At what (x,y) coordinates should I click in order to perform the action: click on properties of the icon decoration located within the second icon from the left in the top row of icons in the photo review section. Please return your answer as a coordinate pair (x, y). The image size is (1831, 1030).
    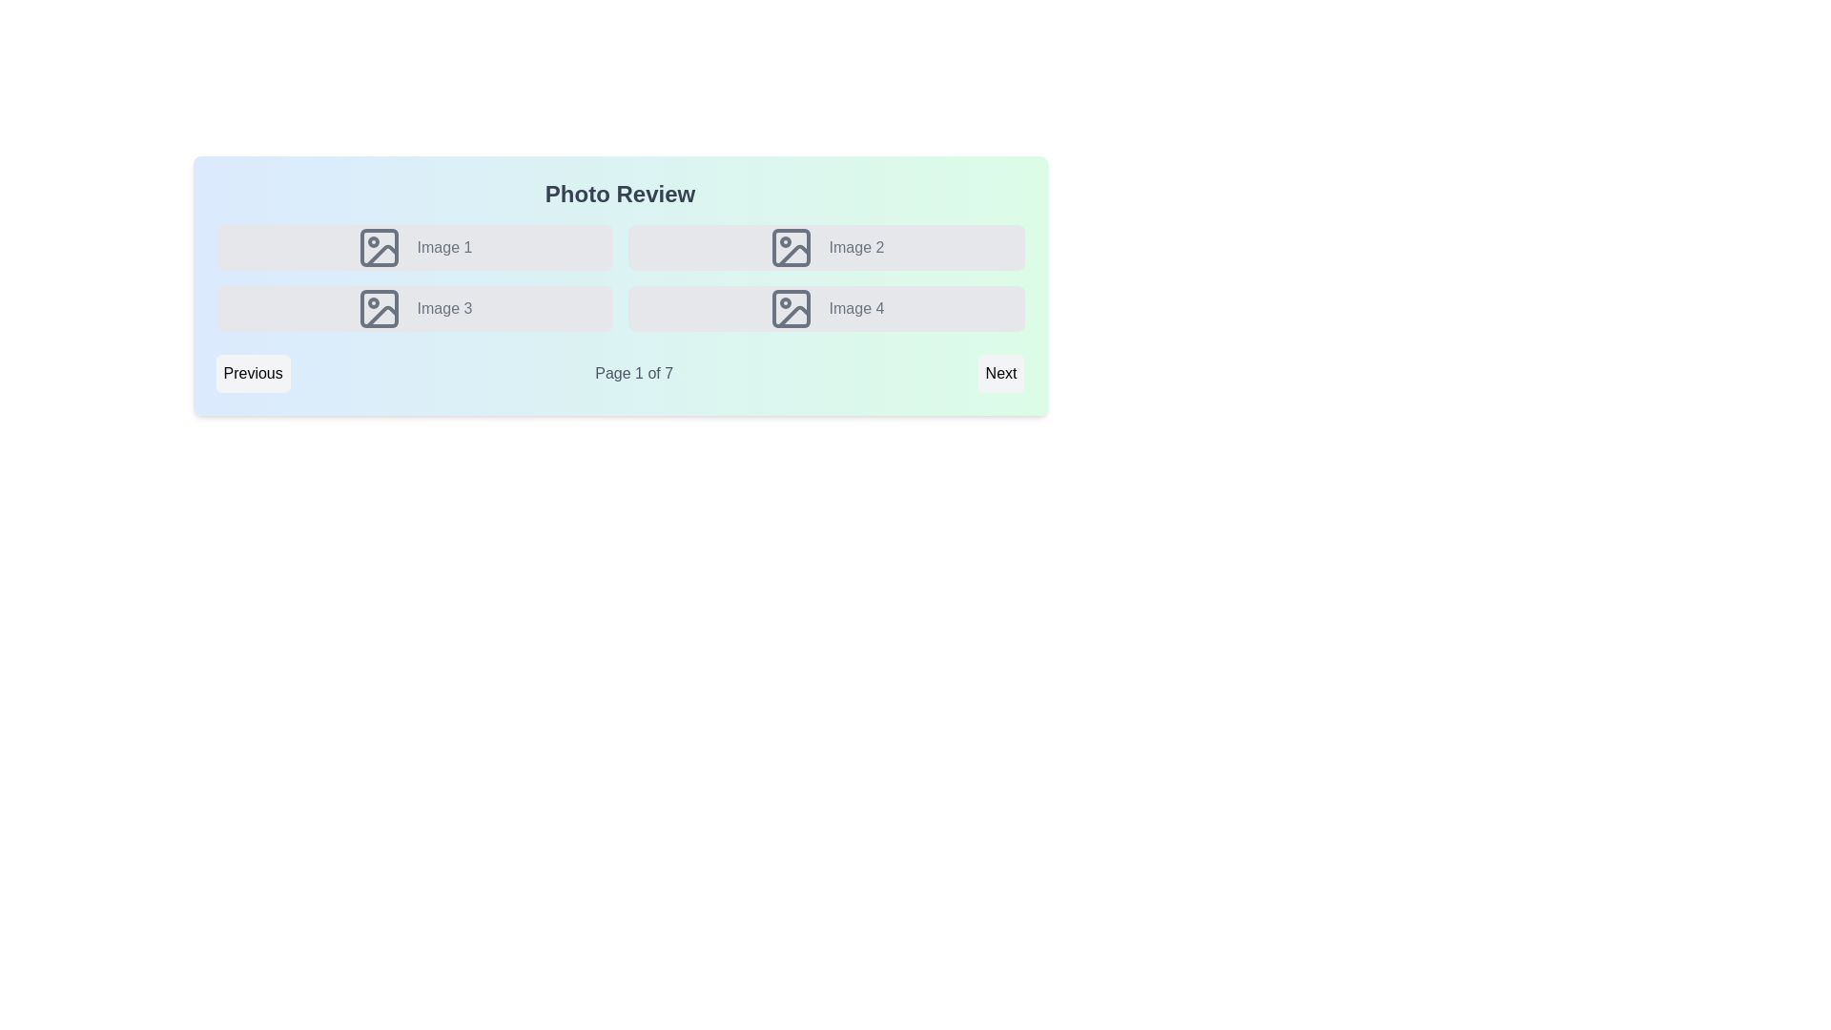
    Looking at the image, I should click on (793, 255).